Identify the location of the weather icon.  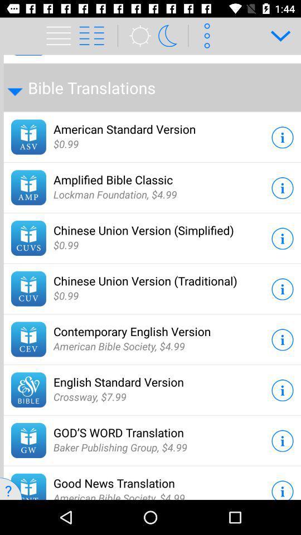
(137, 36).